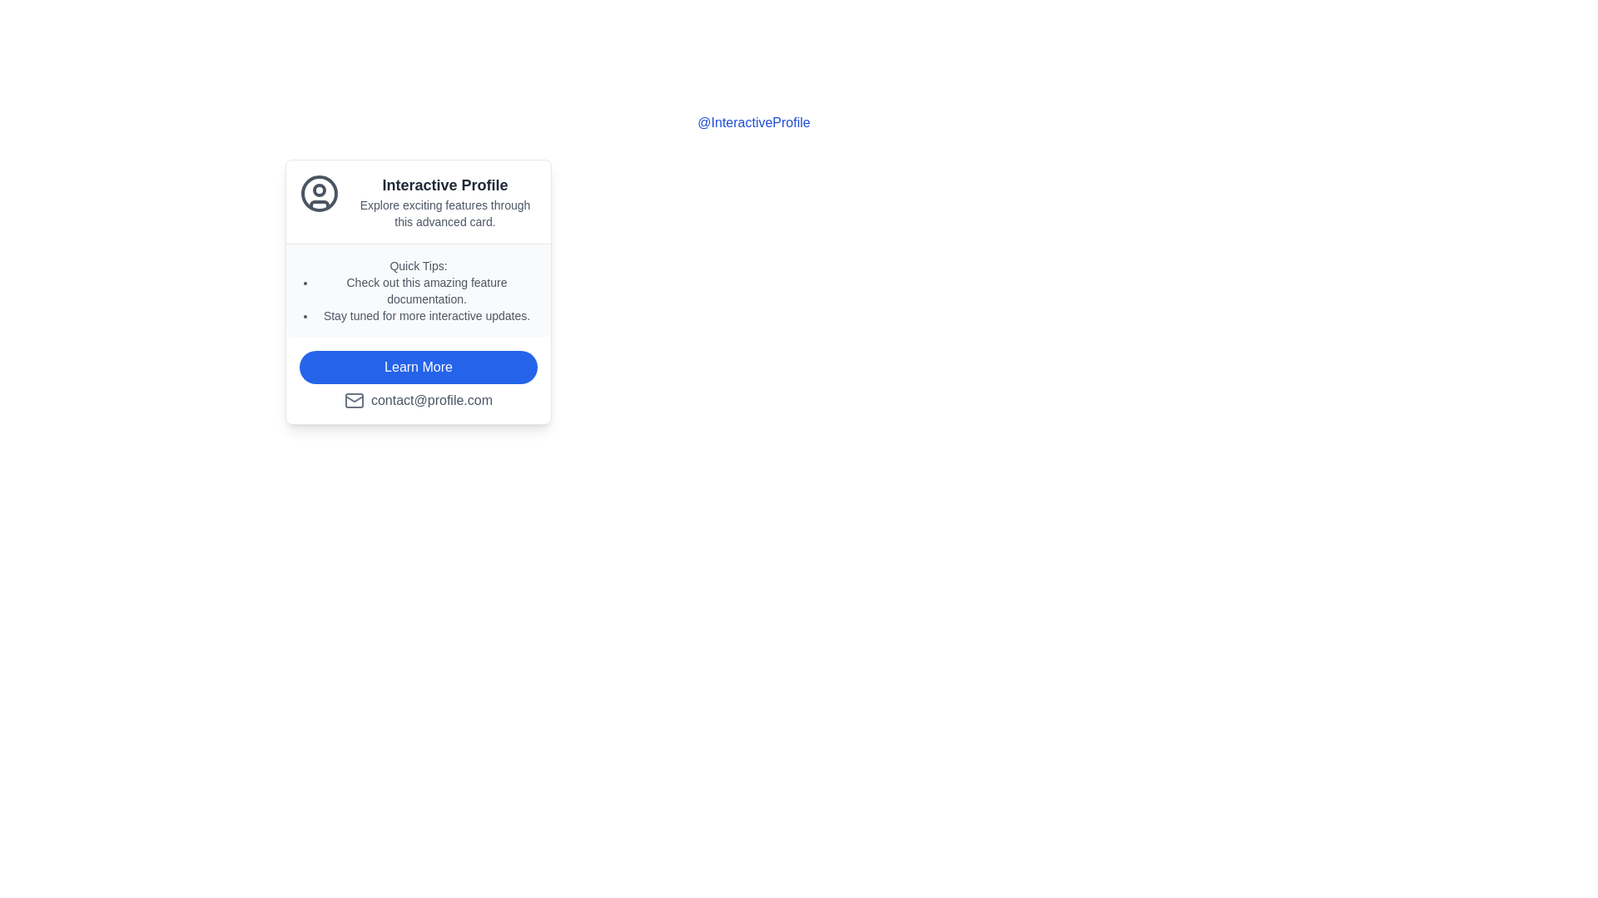 This screenshot has height=898, width=1598. Describe the element at coordinates (444, 213) in the screenshot. I see `the informative text label positioned beneath the header 'Interactive Profile' in the card-like layout` at that location.